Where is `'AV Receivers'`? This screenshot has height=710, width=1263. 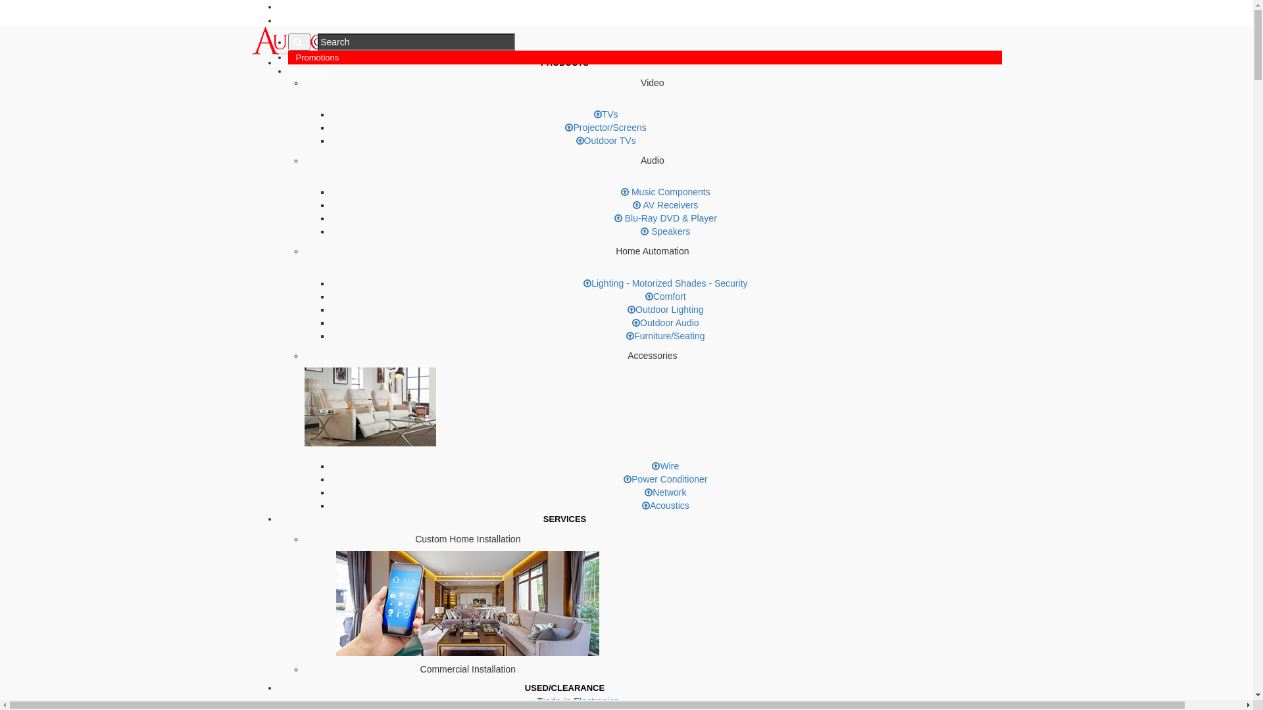 'AV Receivers' is located at coordinates (665, 205).